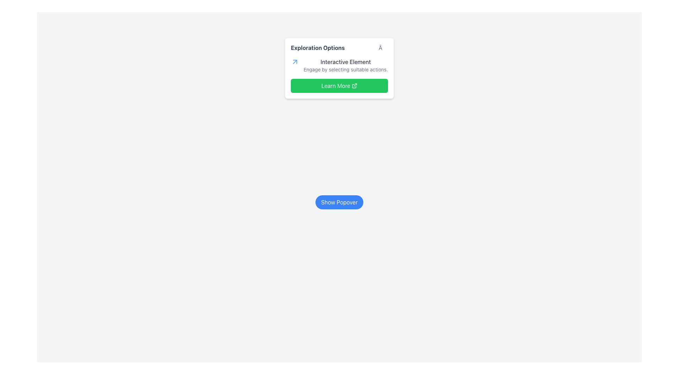 The height and width of the screenshot is (380, 676). Describe the element at coordinates (339, 85) in the screenshot. I see `the green 'Learn More' button with rounded corners located at the bottom of the 'Exploration Options' pop-up` at that location.